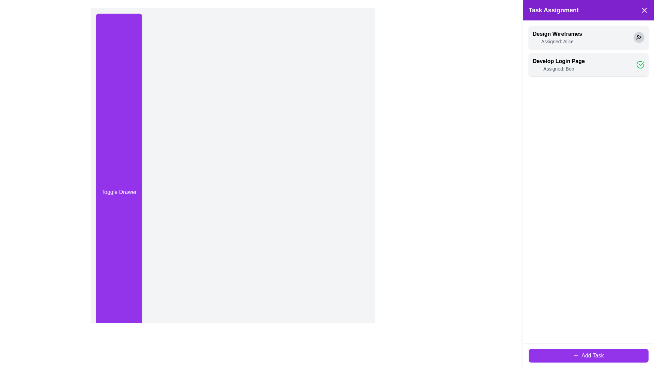 This screenshot has height=368, width=654. I want to click on text 'Add Task' from the bold white text label located within the button at the bottom-right corner of the interface, so click(592, 355).